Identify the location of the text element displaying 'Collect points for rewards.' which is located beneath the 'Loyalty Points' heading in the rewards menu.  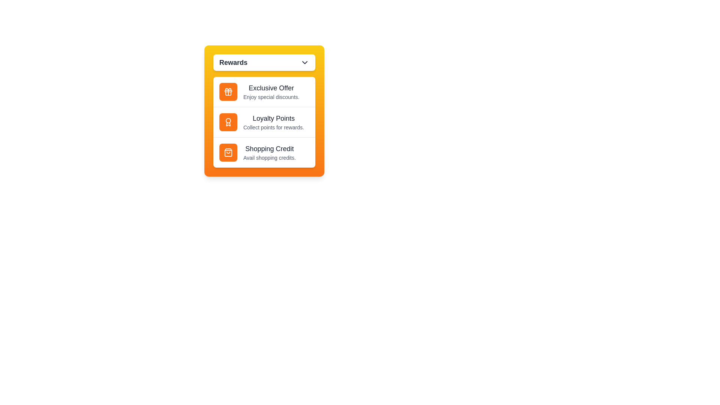
(273, 127).